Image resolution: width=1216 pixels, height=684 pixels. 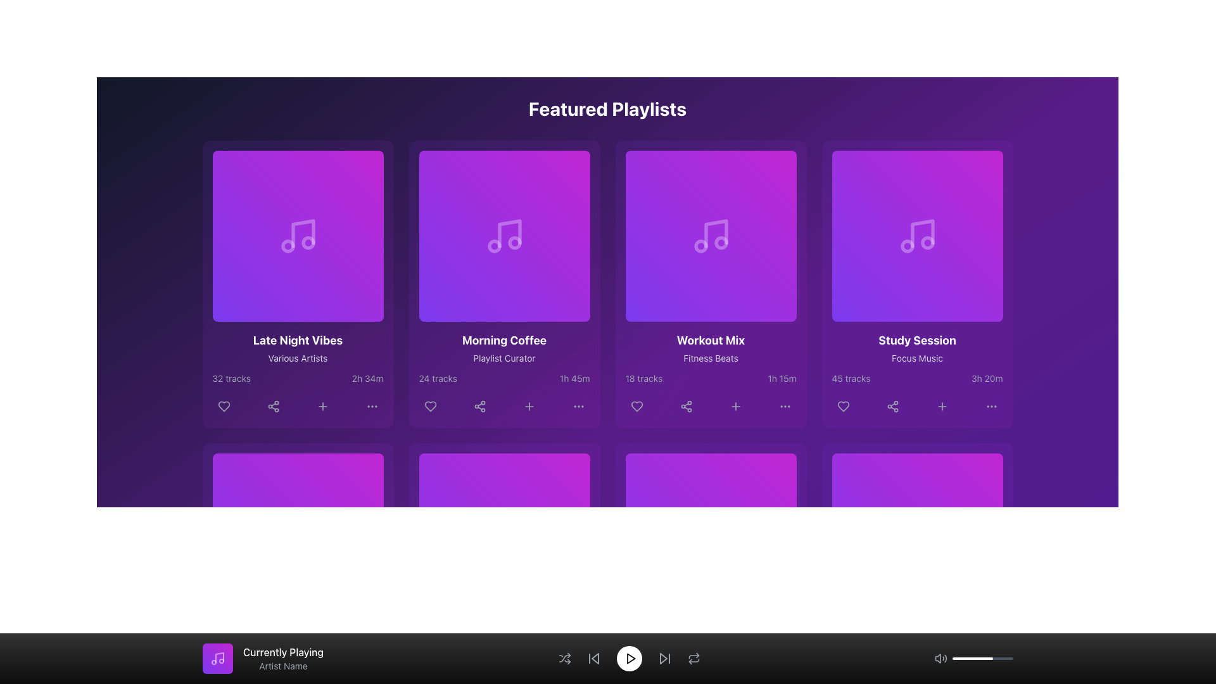 I want to click on the volume level, so click(x=996, y=658).